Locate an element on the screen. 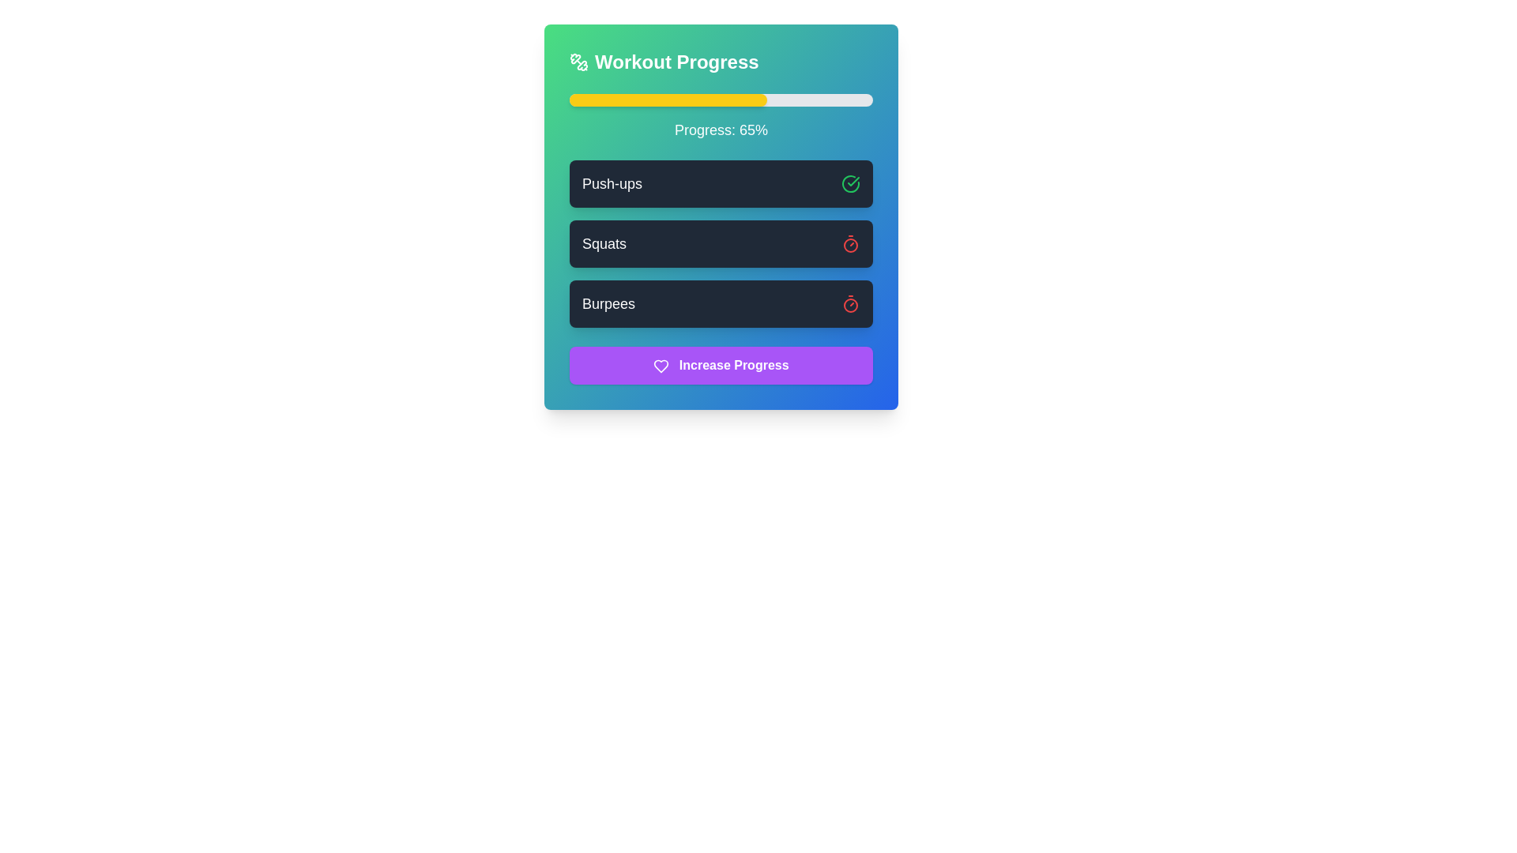 This screenshot has width=1517, height=853. the item in the vertical list containing descriptive labels such as 'Push-ups', 'Squats', or 'Burpees' is located at coordinates (720, 243).